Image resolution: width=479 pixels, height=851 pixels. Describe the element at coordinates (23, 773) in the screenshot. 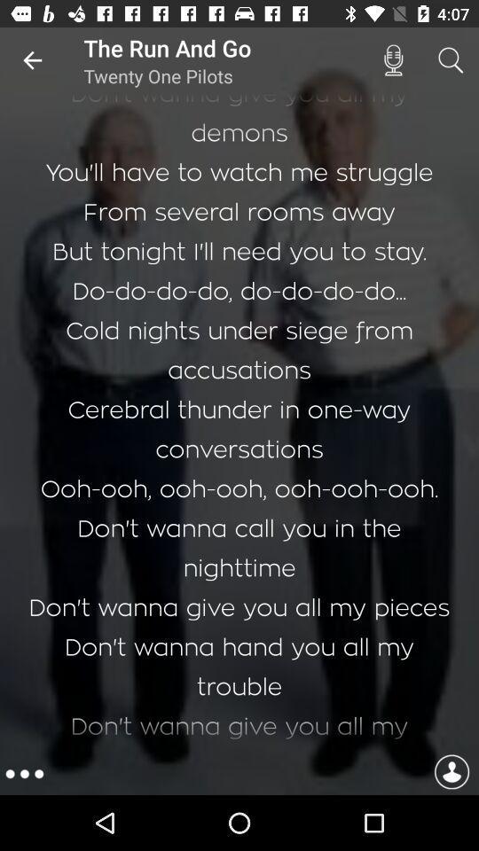

I see `item at the bottom left corner` at that location.